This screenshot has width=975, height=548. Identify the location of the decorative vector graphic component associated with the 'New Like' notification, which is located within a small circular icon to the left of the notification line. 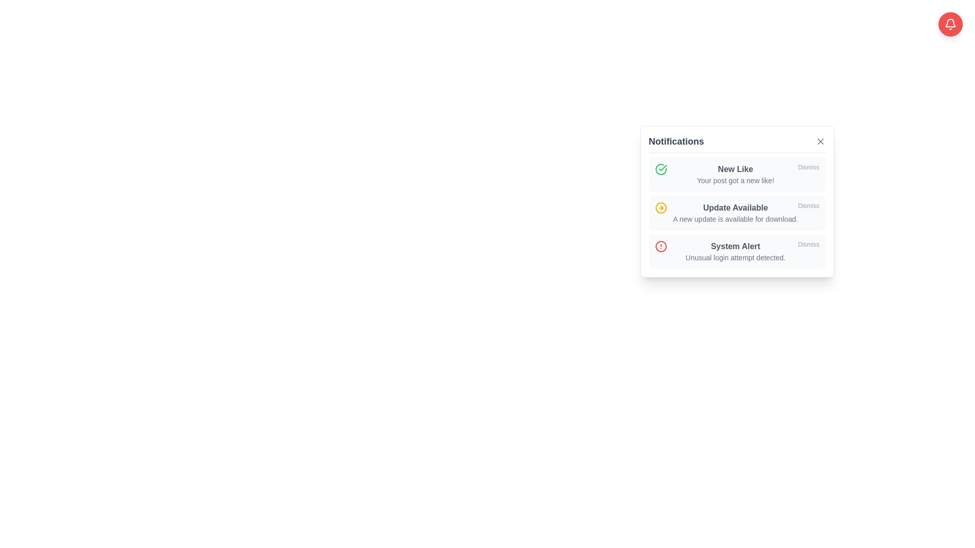
(663, 167).